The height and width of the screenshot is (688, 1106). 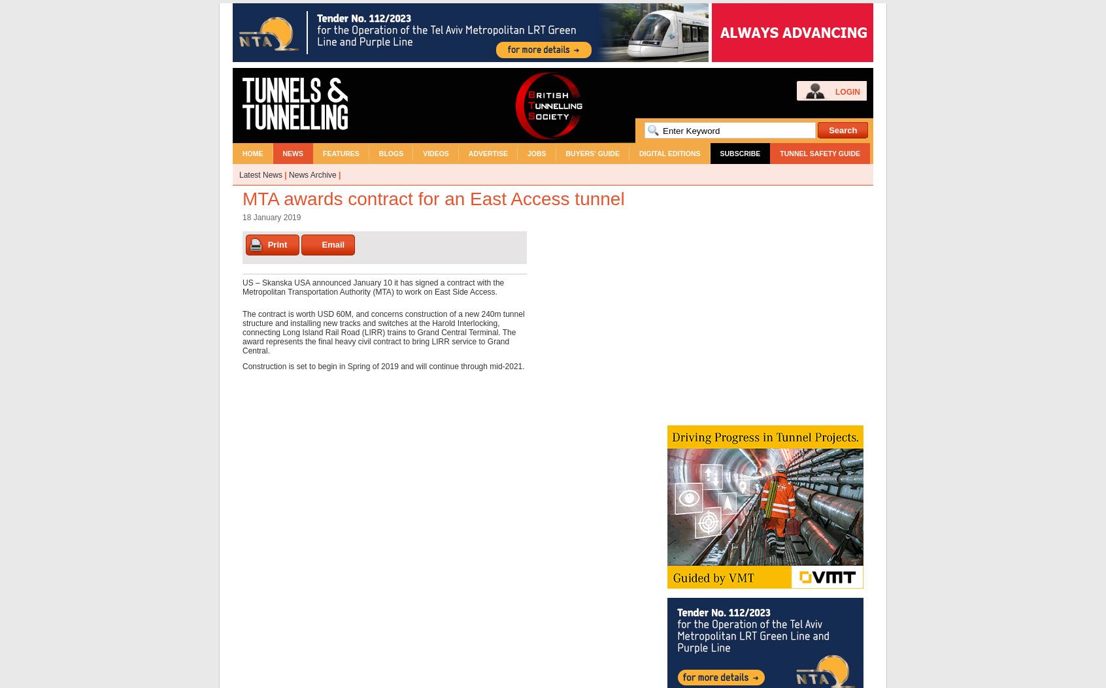 I want to click on 'The contract is worth USD 60M, and concerns construction of a new 240m tunnel structure and installing new tracks and switches at the Harold Interlocking, connecting Long Island Rail Road (LIRR) trains to Grand Central Terminal. The award represents the final heavy civil contract to bring LIRR service to Grand Central.', so click(x=382, y=333).